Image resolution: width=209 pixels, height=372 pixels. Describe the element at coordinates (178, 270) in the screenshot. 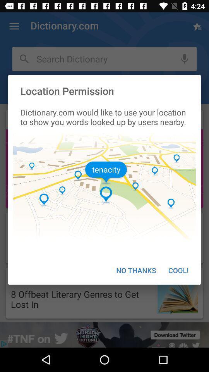

I see `the item next to no thanks` at that location.